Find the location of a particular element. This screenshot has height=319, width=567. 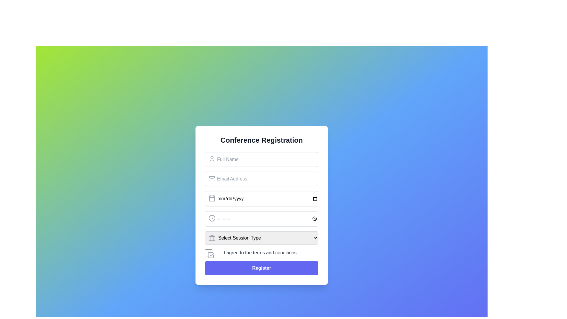

the left vertical bar of the suitcase-like icon located within the 'Select Session Type' dropdown field is located at coordinates (212, 237).